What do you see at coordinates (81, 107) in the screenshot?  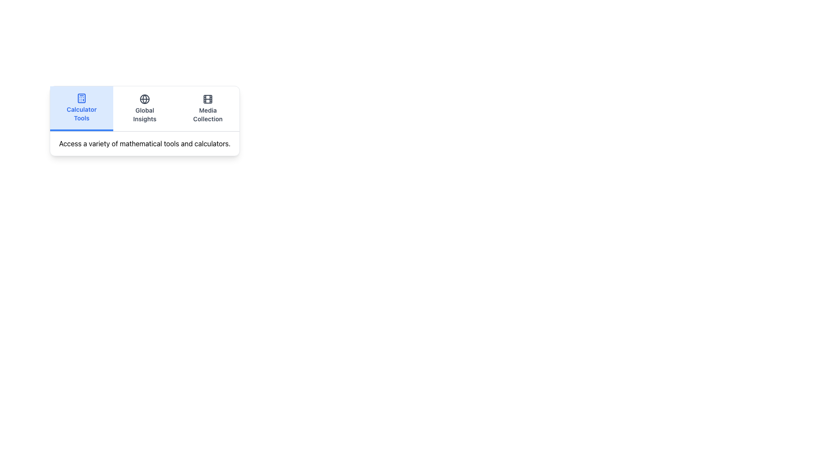 I see `the first clickable item with an icon and label in the navigation row` at bounding box center [81, 107].